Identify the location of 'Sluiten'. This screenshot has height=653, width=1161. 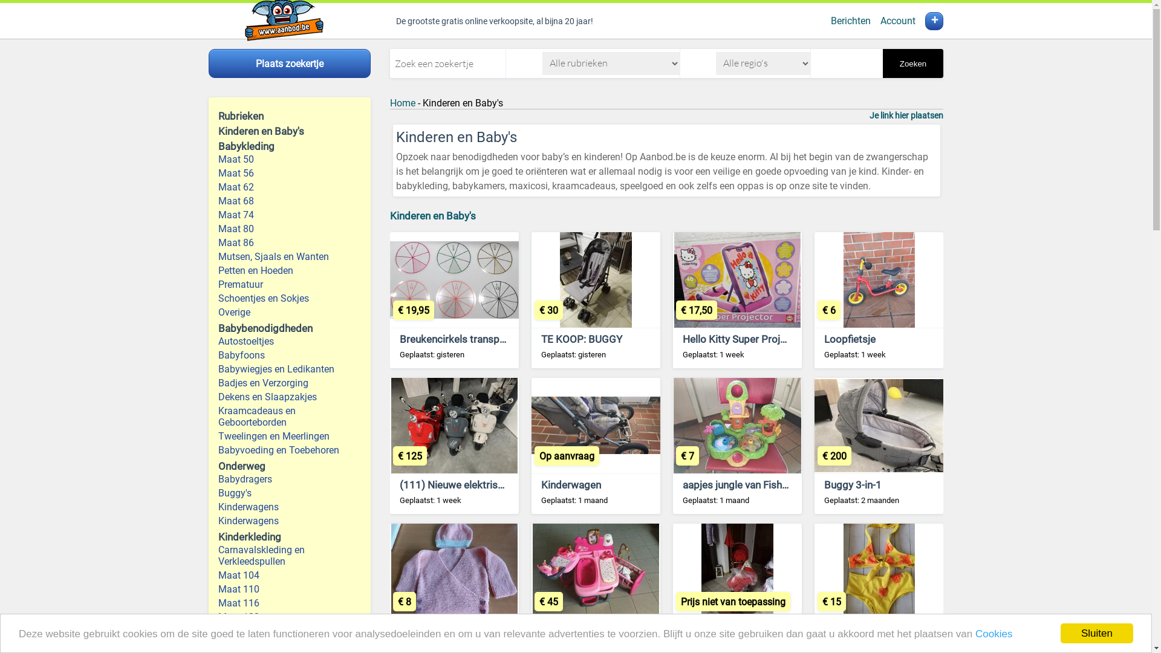
(1097, 632).